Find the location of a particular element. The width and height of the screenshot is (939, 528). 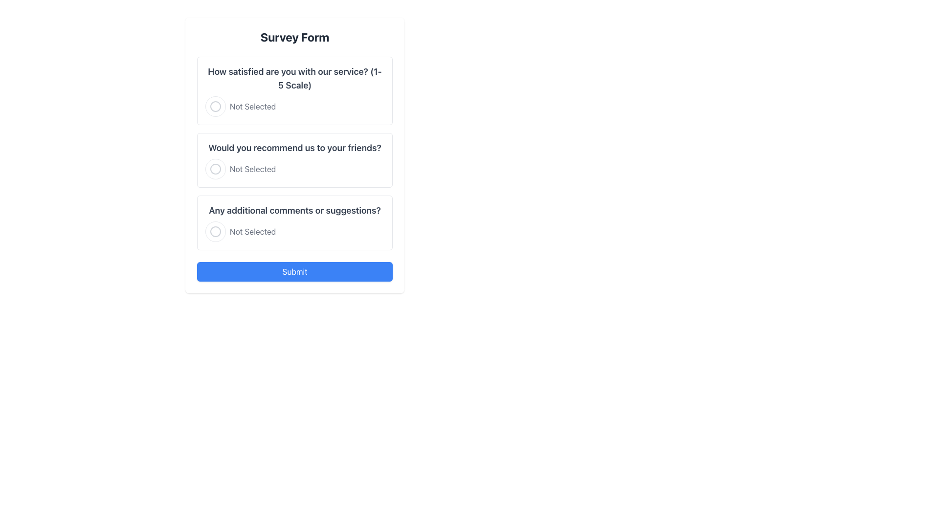

the static text label indicating the selection state for the question 'Would you recommend us to your friends?', currently displaying 'Not Selected' is located at coordinates (253, 169).